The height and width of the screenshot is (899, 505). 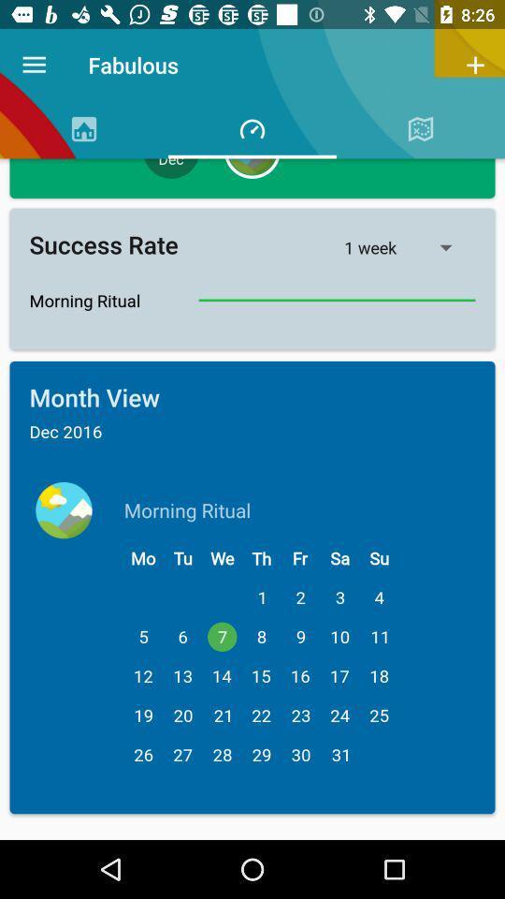 I want to click on plus icon, so click(x=475, y=65).